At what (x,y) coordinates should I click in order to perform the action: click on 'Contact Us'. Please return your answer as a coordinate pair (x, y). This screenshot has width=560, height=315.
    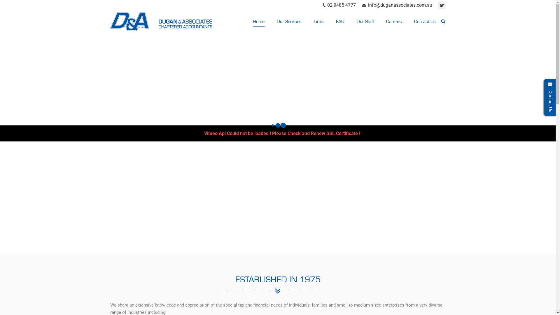
    Looking at the image, I should click on (413, 21).